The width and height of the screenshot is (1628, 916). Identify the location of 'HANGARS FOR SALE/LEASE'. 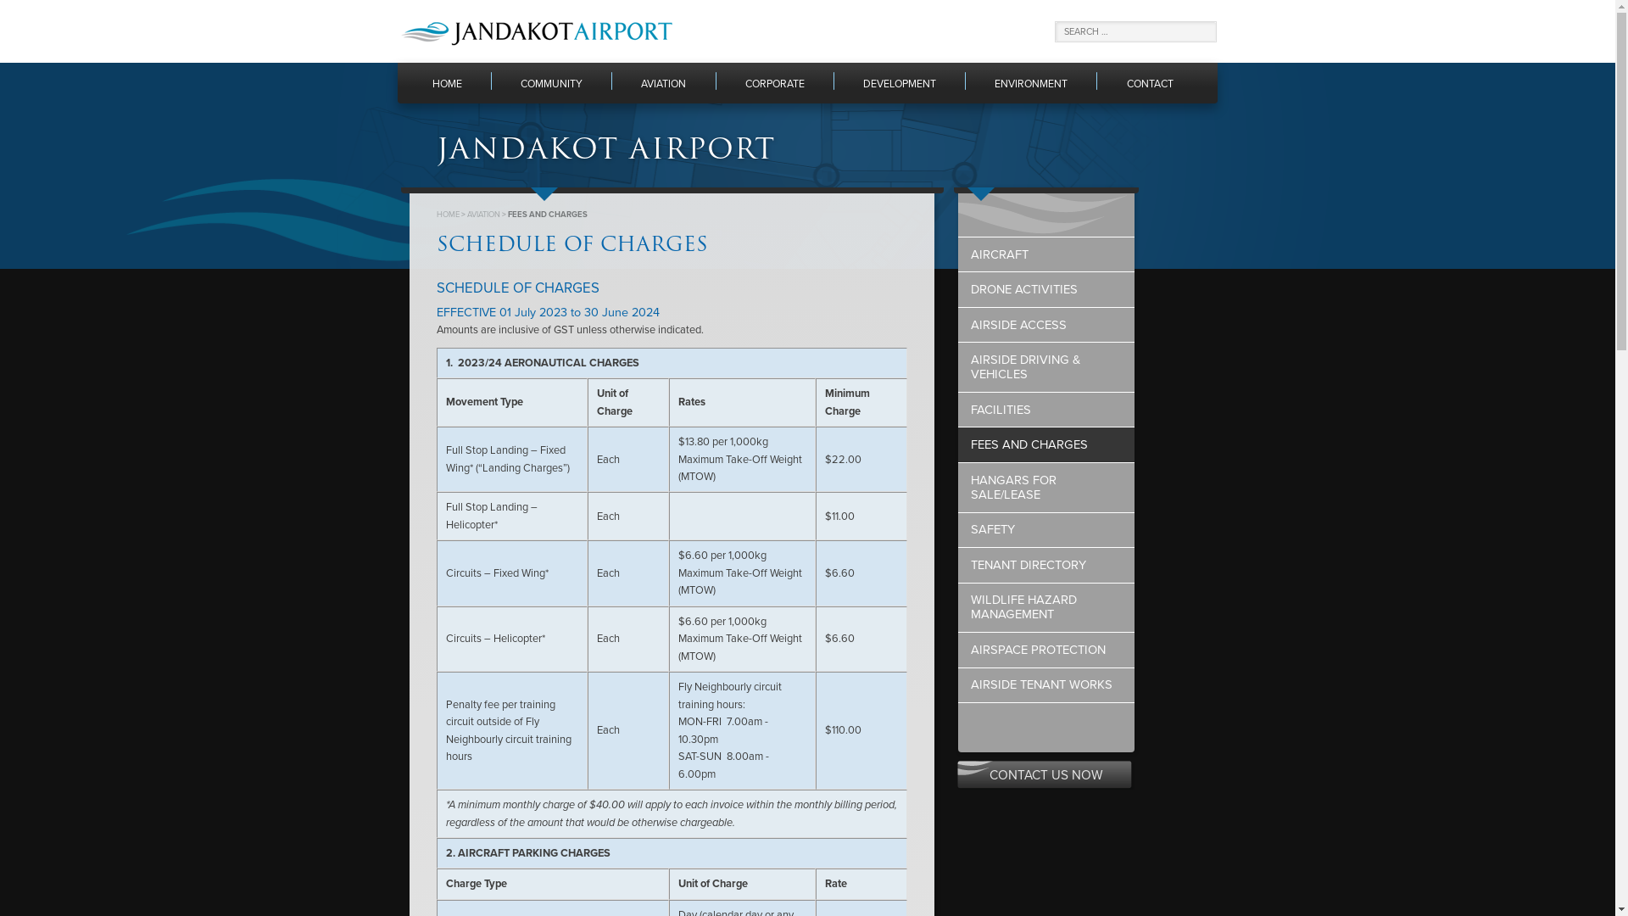
(1045, 487).